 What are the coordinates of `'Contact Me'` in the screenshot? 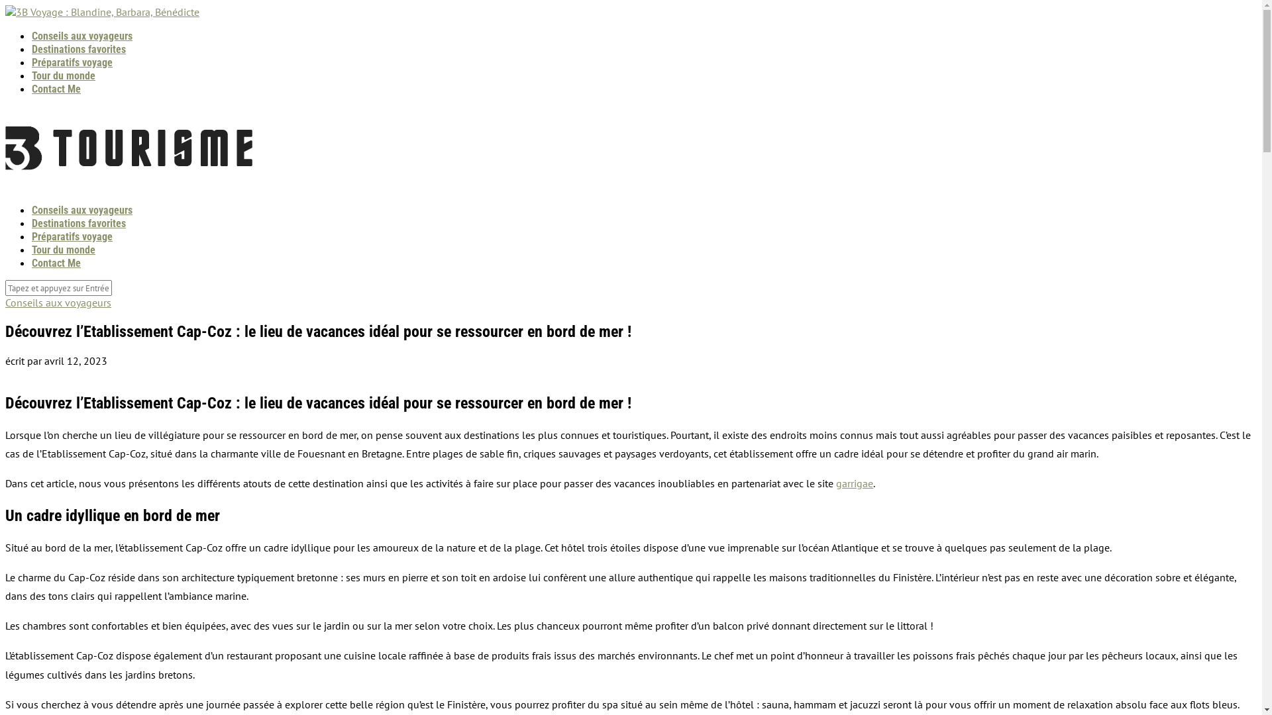 It's located at (32, 89).